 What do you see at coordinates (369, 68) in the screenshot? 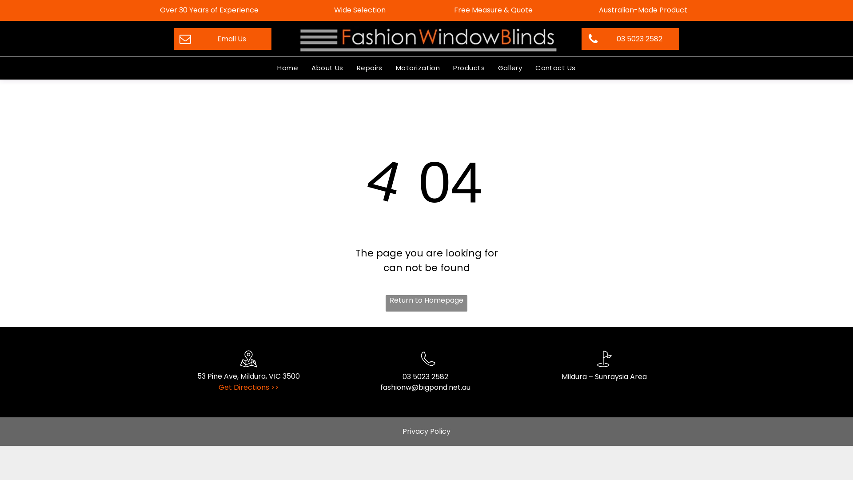
I see `'Repairs'` at bounding box center [369, 68].